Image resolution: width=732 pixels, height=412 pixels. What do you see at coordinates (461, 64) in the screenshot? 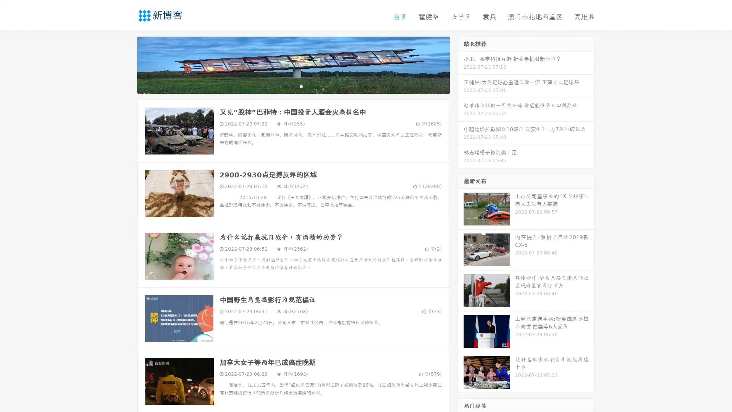
I see `Next slide` at bounding box center [461, 64].